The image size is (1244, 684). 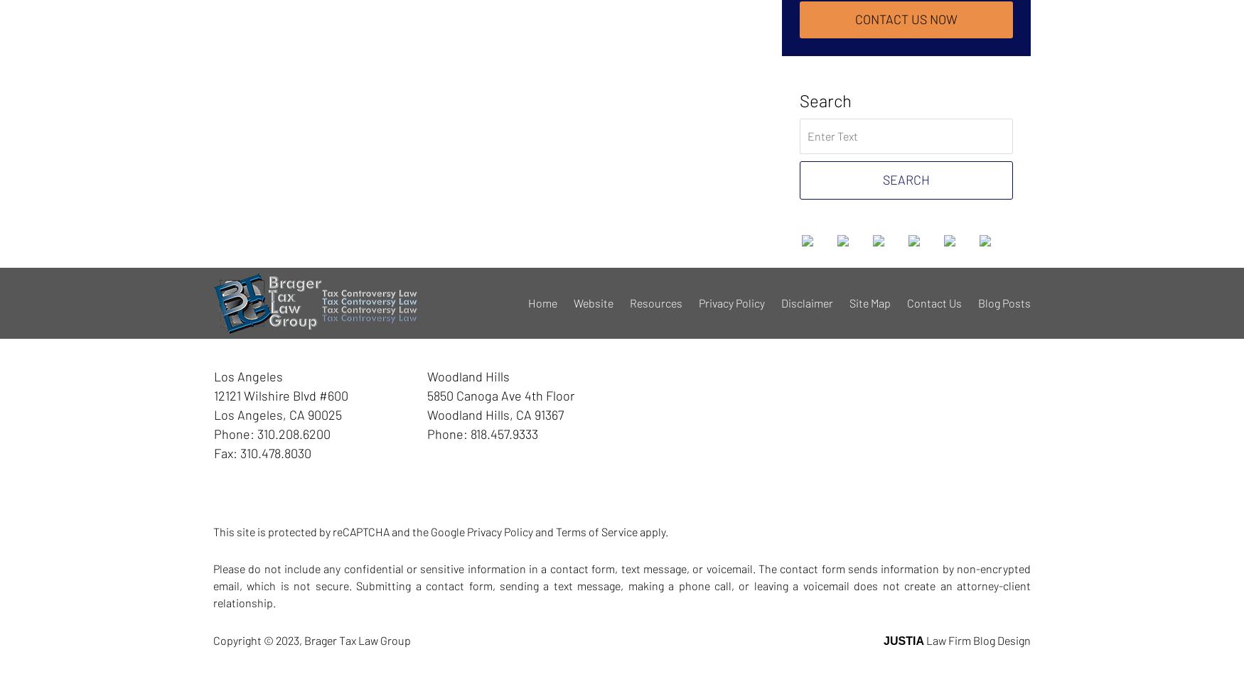 What do you see at coordinates (652, 531) in the screenshot?
I see `'apply.'` at bounding box center [652, 531].